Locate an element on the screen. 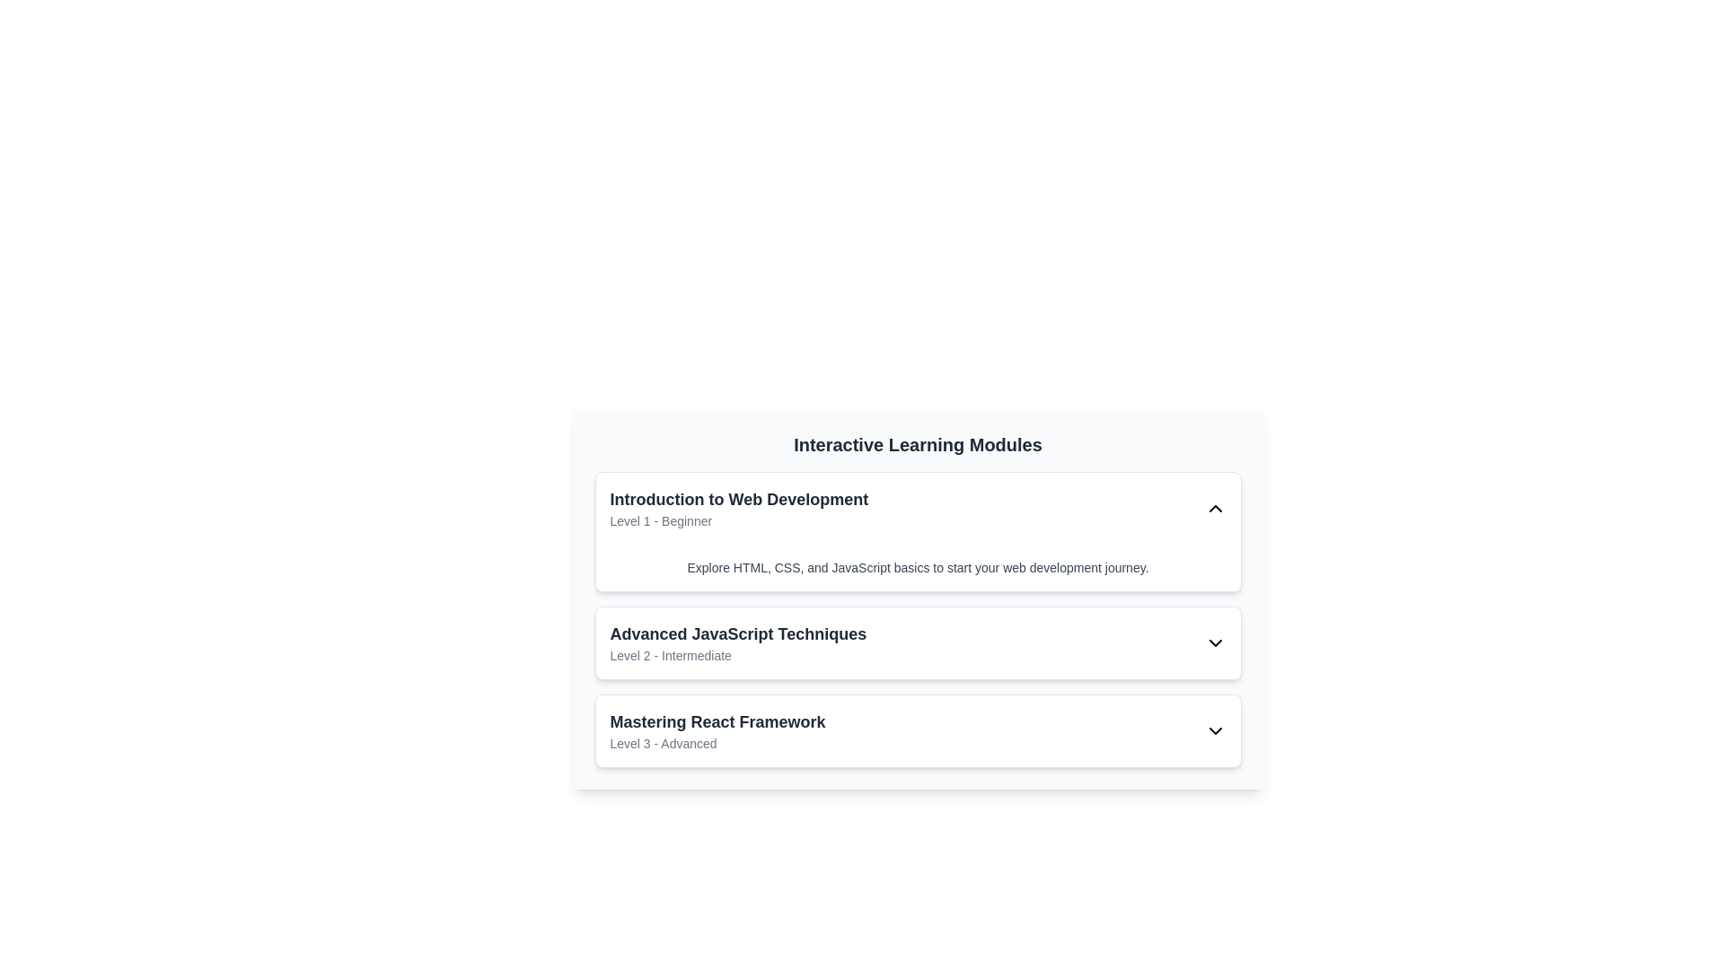 This screenshot has height=969, width=1724. the list item titled 'Mastering React Framework' with the subtitle 'Level 3 - Advanced' is located at coordinates (918, 730).